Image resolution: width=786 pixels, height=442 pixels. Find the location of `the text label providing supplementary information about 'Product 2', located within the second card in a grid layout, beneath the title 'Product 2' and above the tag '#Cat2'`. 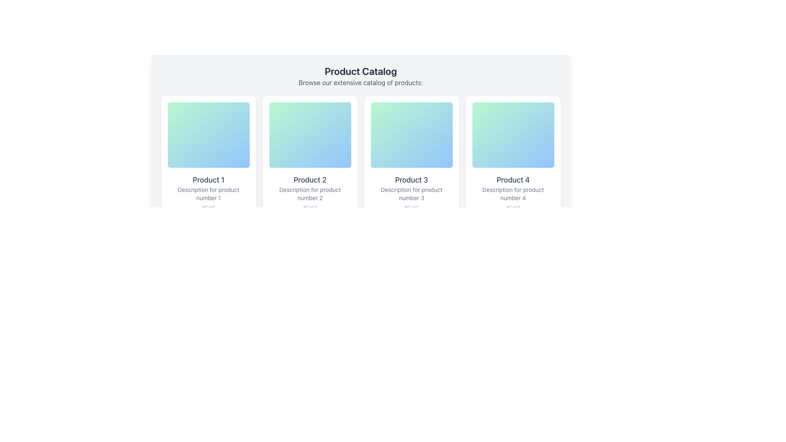

the text label providing supplementary information about 'Product 2', located within the second card in a grid layout, beneath the title 'Product 2' and above the tag '#Cat2' is located at coordinates (309, 194).